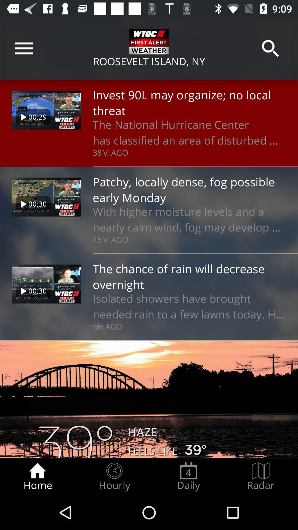 Image resolution: width=298 pixels, height=530 pixels. I want to click on the icon next to daily, so click(261, 476).